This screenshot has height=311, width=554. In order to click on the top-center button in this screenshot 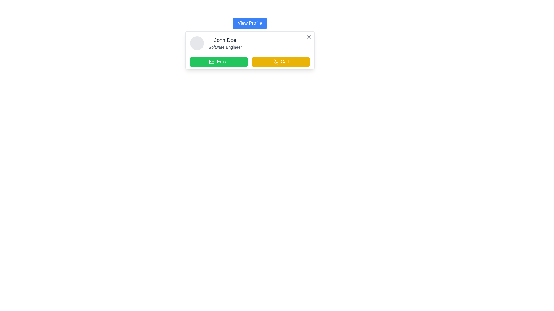, I will do `click(250, 23)`.